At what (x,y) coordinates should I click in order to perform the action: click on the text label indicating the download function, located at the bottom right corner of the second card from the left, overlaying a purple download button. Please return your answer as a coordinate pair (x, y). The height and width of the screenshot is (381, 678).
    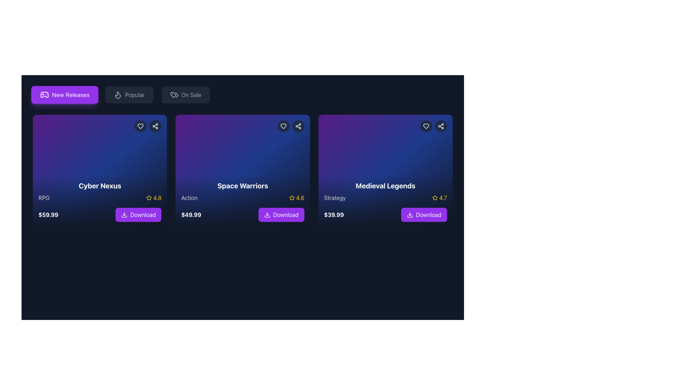
    Looking at the image, I should click on (286, 214).